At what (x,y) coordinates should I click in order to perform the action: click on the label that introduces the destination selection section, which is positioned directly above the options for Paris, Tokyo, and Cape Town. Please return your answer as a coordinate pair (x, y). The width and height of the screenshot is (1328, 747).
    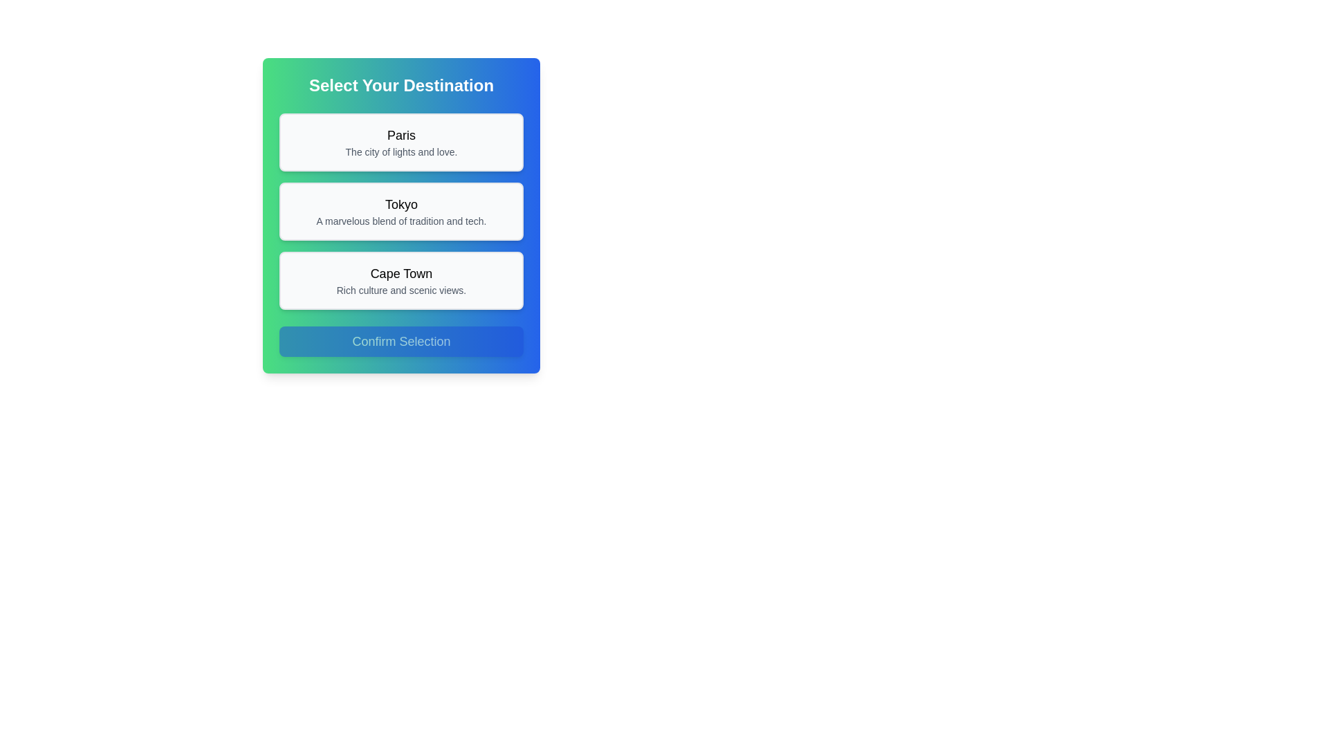
    Looking at the image, I should click on (400, 85).